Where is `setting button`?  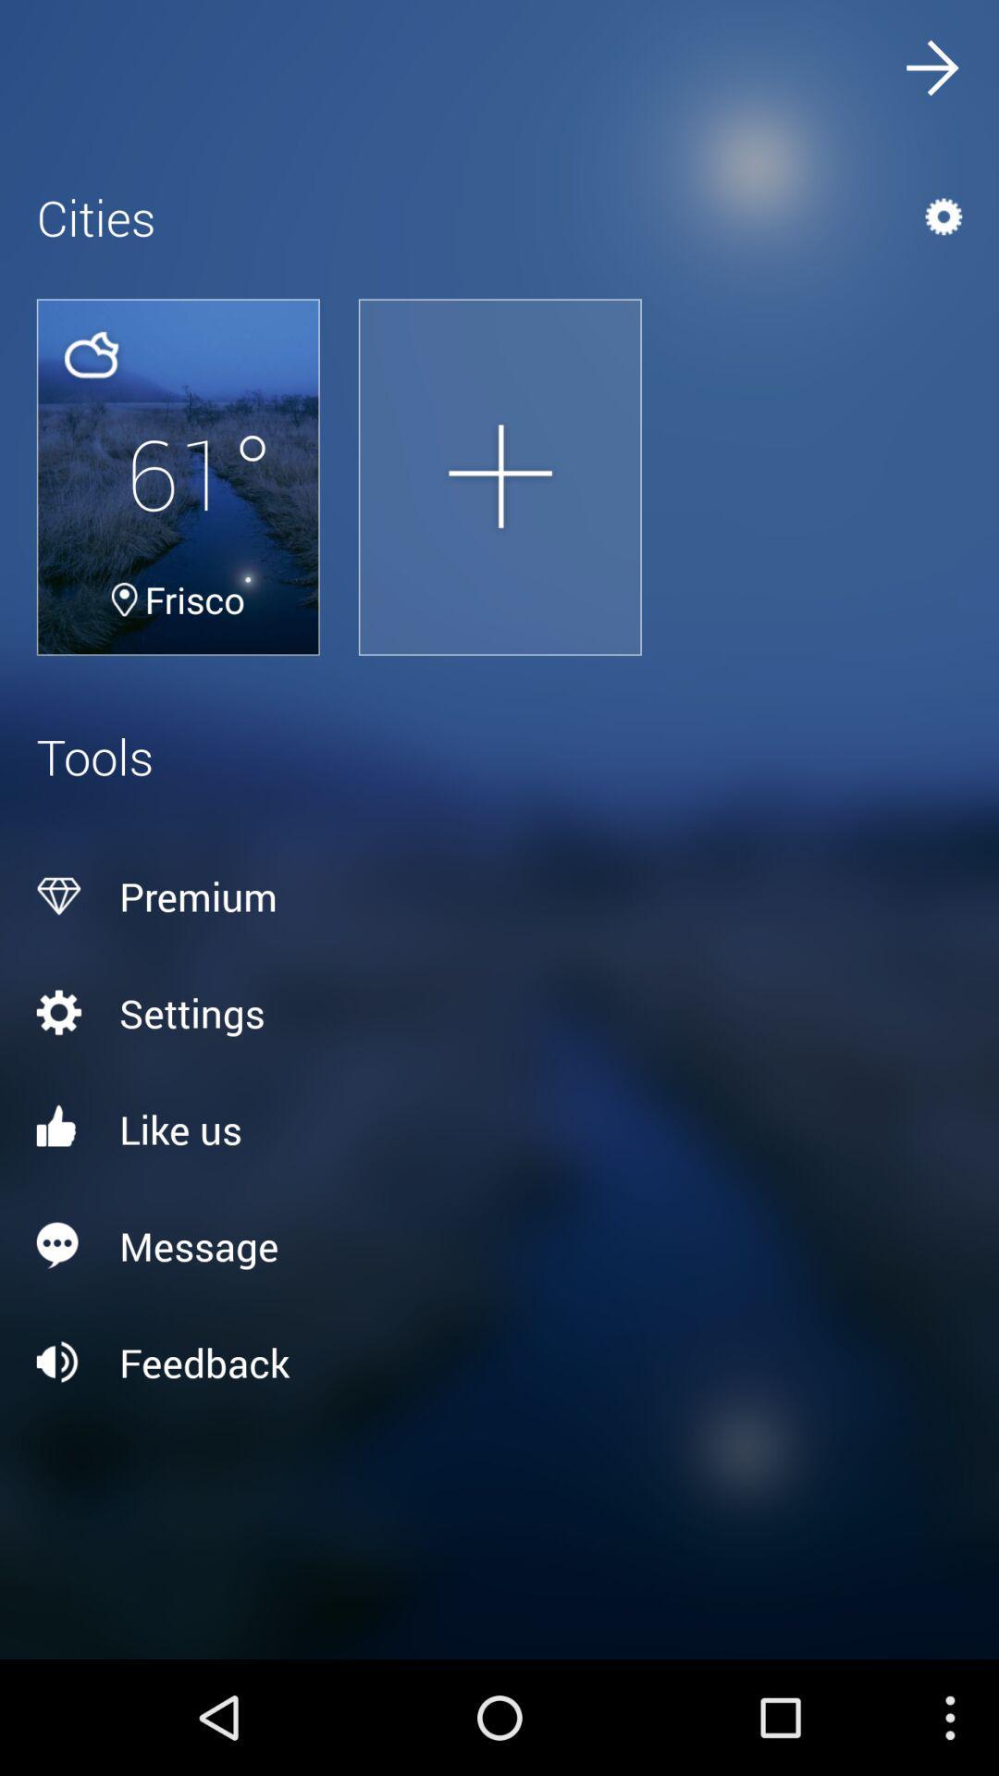 setting button is located at coordinates (499, 1011).